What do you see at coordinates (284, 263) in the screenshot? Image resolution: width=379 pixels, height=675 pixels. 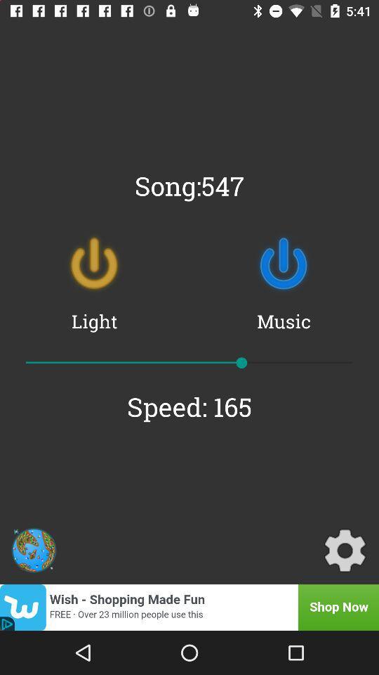 I see `the icon below song:547` at bounding box center [284, 263].